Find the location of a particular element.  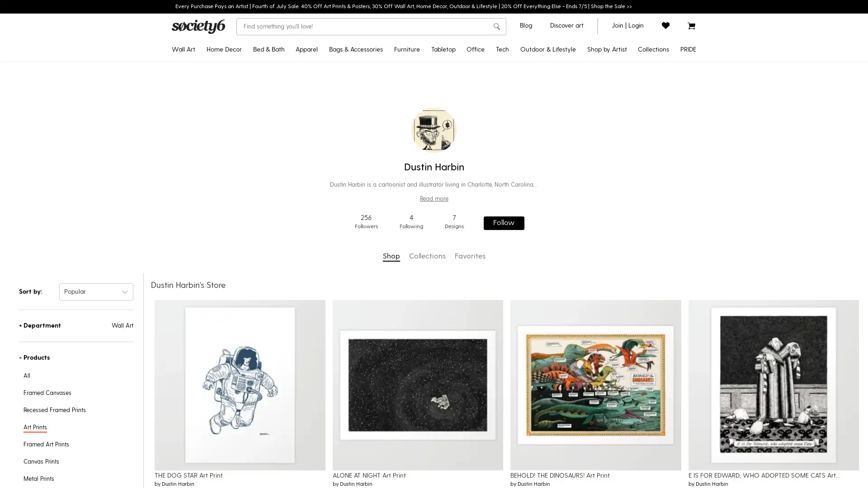

Framed Mini Art Prints is located at coordinates (212, 247).